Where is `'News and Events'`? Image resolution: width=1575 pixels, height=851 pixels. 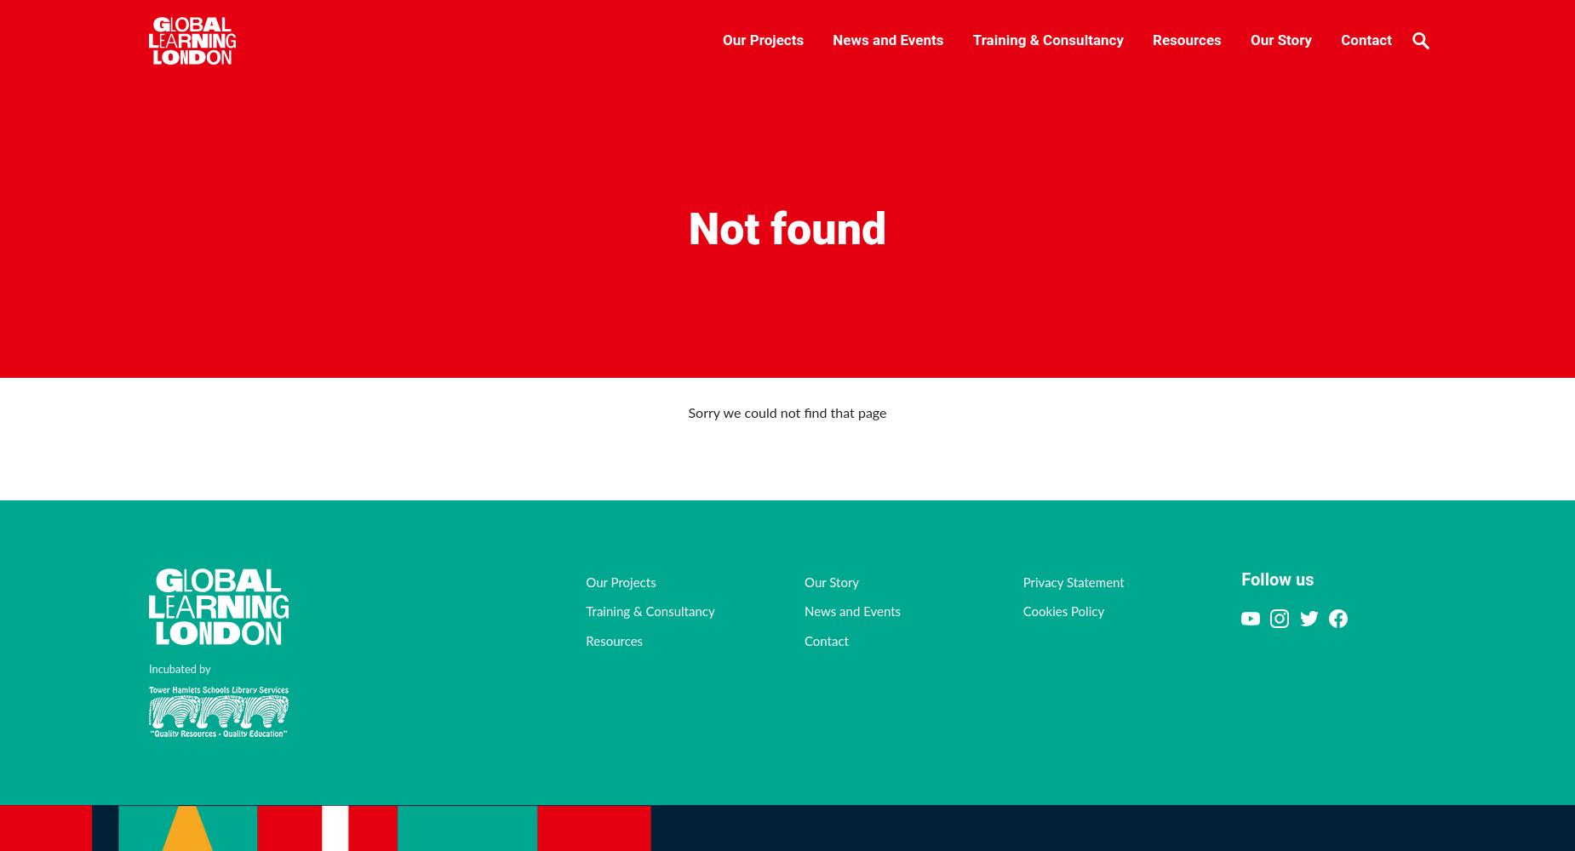 'News and Events' is located at coordinates (851, 611).